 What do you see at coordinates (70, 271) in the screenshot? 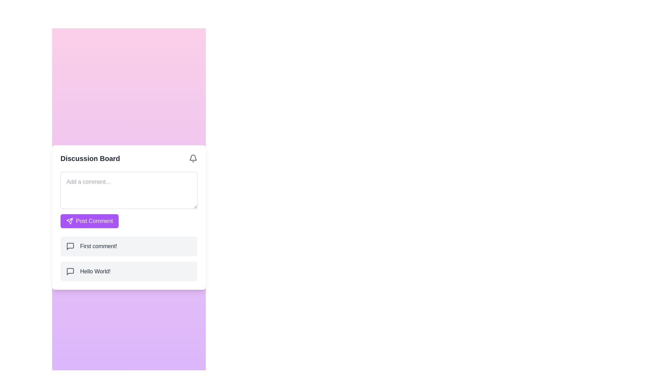
I see `the comment icon associated with the text 'Hello World!' in the second comment of the discussion board interface` at bounding box center [70, 271].